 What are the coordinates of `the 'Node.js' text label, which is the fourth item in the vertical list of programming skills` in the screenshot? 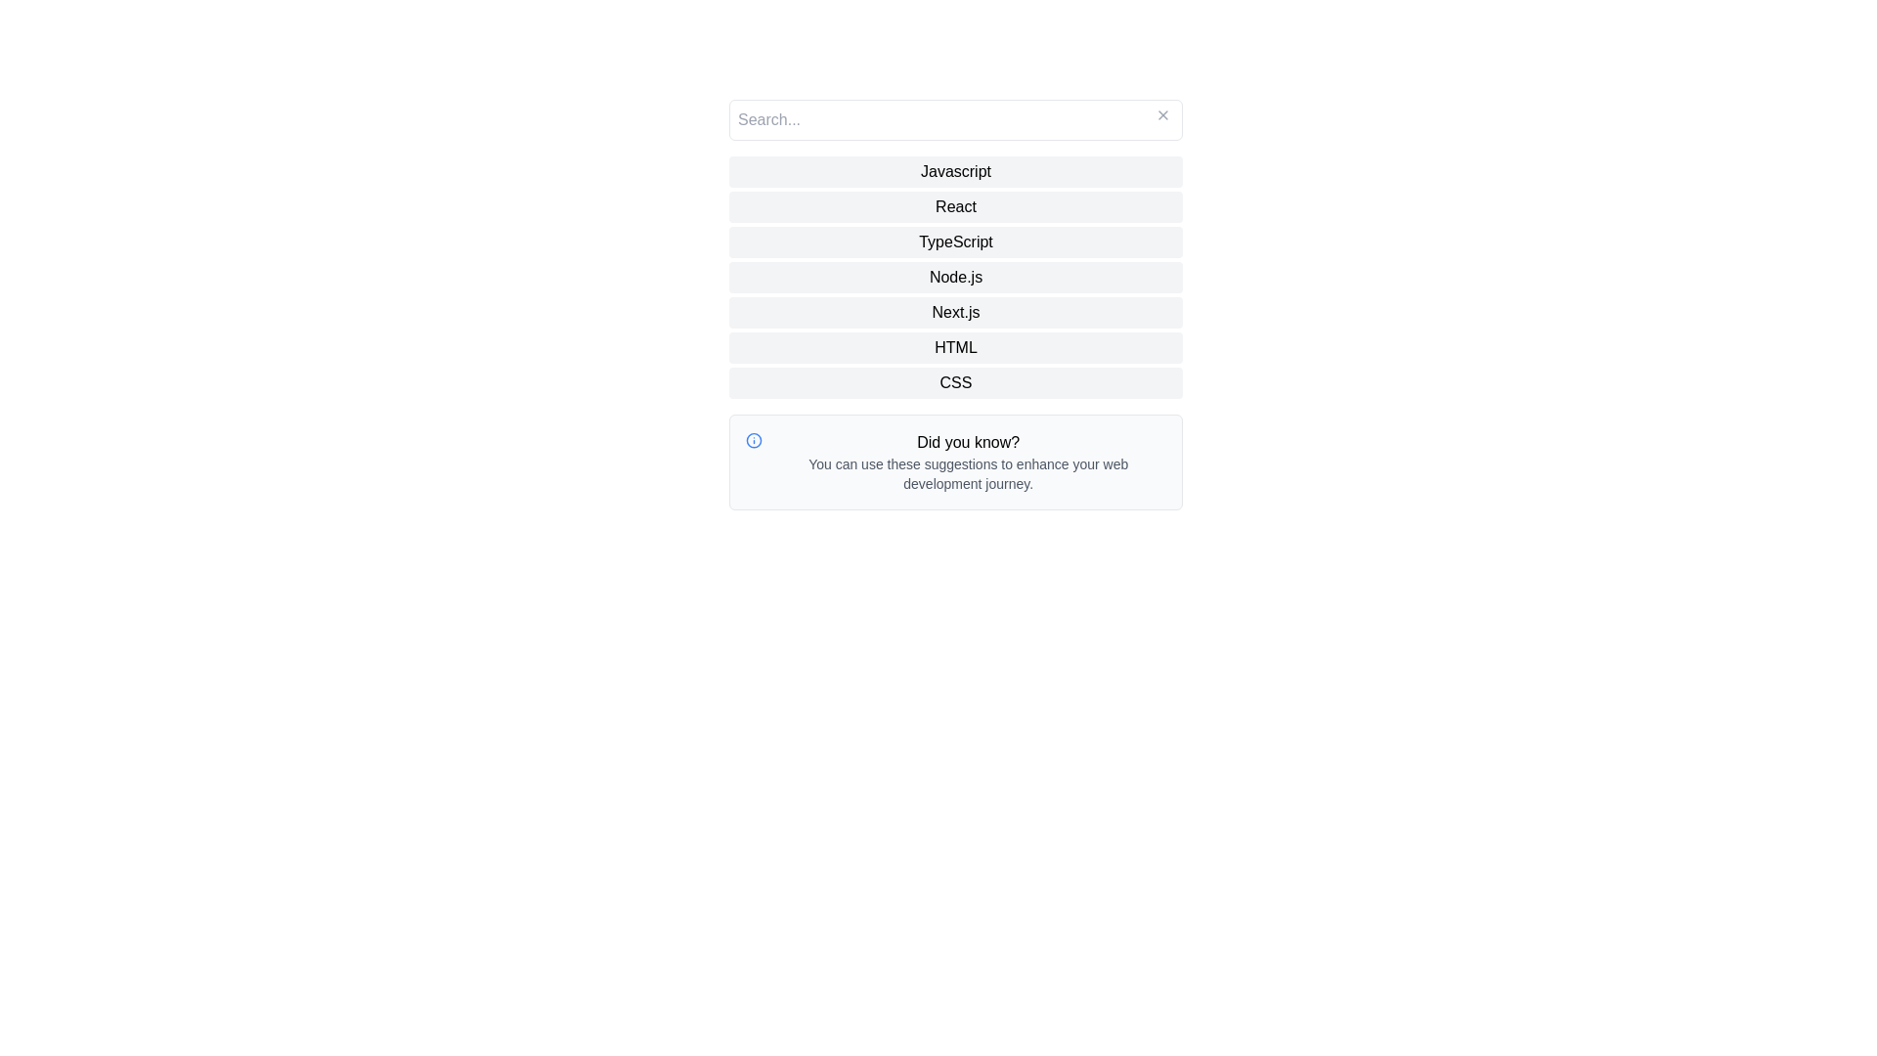 It's located at (956, 278).